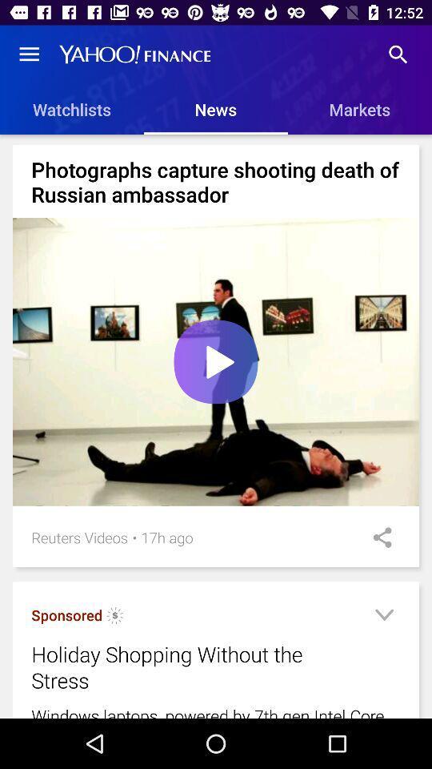 Image resolution: width=432 pixels, height=769 pixels. I want to click on expand more button, so click(383, 617).